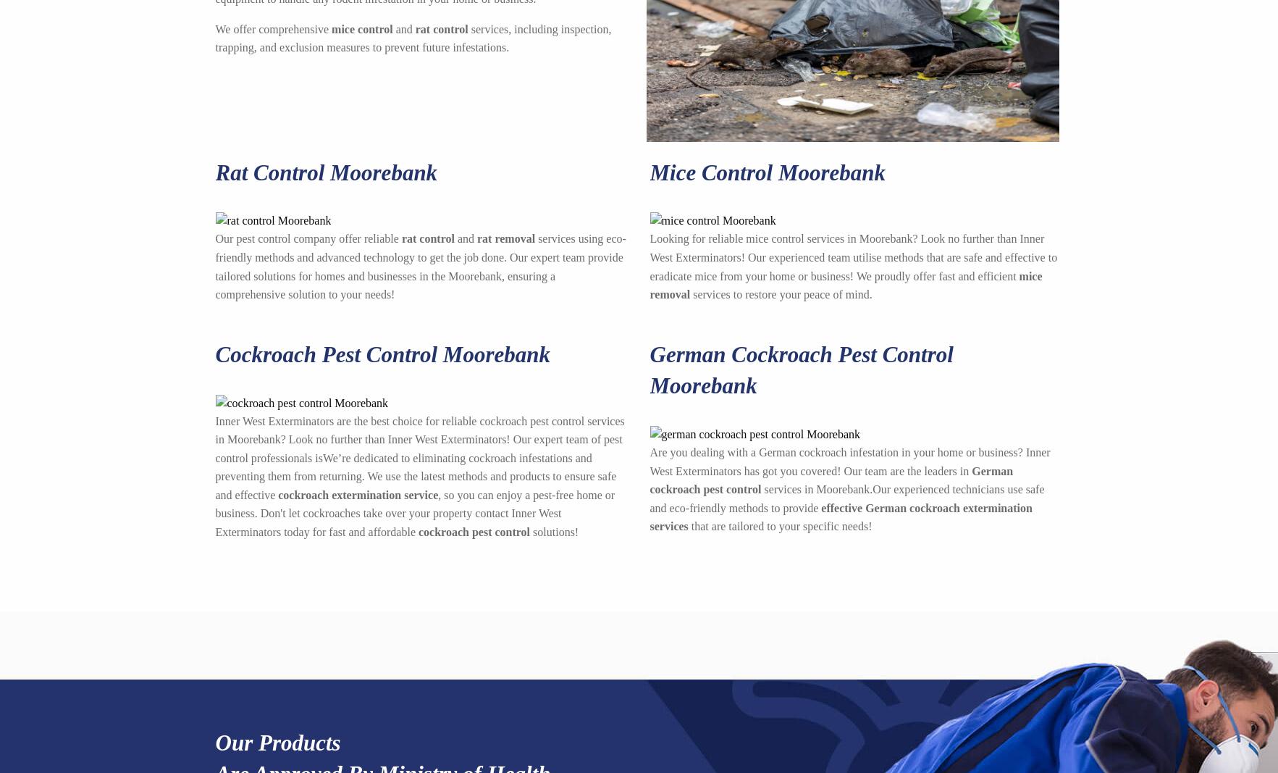 The image size is (1278, 773). I want to click on 'German Cockroach Pest Control Moorebank', so click(801, 369).